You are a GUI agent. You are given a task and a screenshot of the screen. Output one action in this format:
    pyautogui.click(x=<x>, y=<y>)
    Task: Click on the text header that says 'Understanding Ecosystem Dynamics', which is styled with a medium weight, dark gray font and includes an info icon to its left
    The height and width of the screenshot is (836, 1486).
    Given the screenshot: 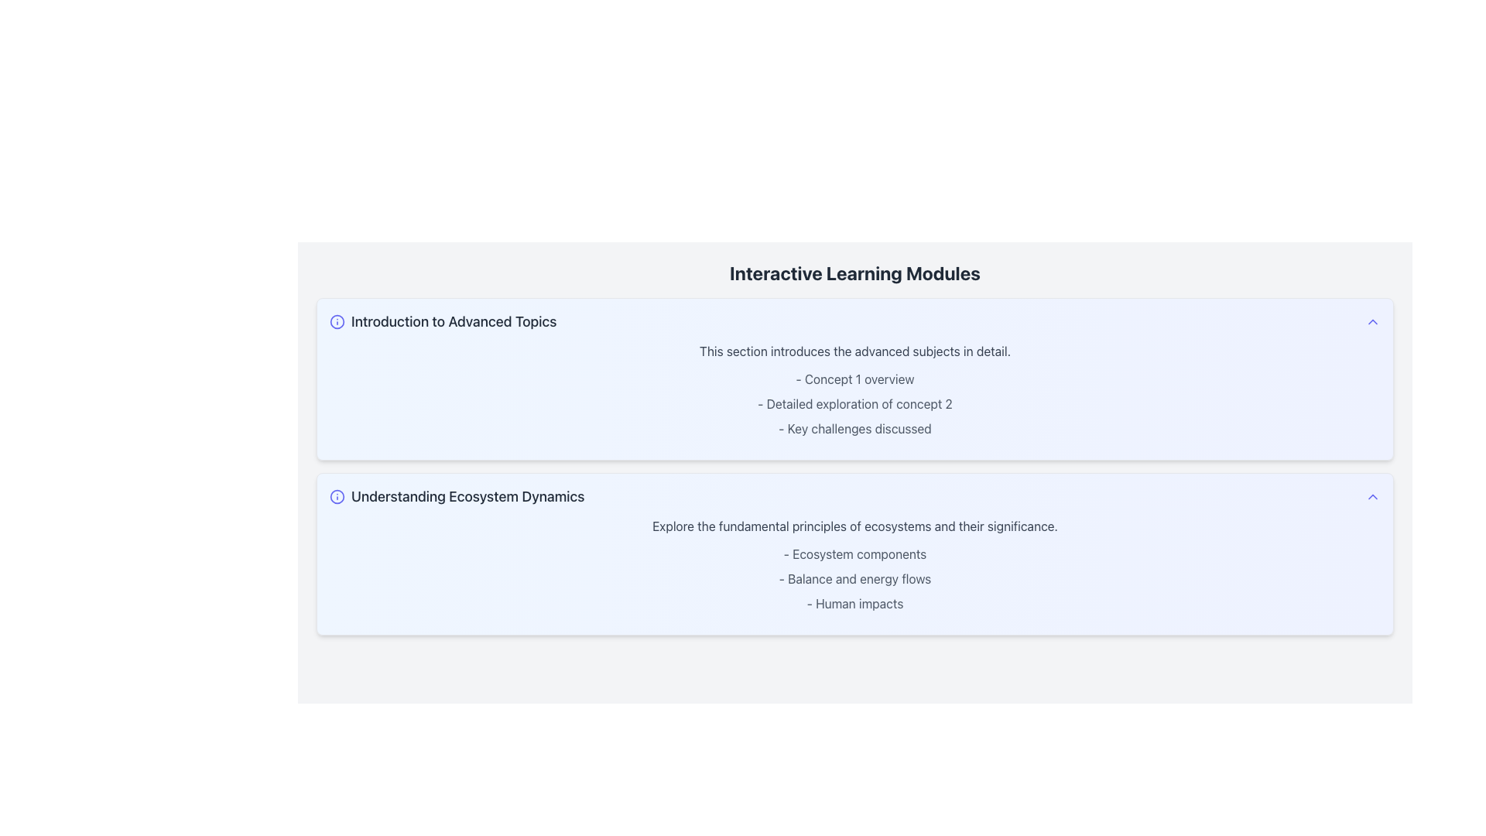 What is the action you would take?
    pyautogui.click(x=456, y=496)
    